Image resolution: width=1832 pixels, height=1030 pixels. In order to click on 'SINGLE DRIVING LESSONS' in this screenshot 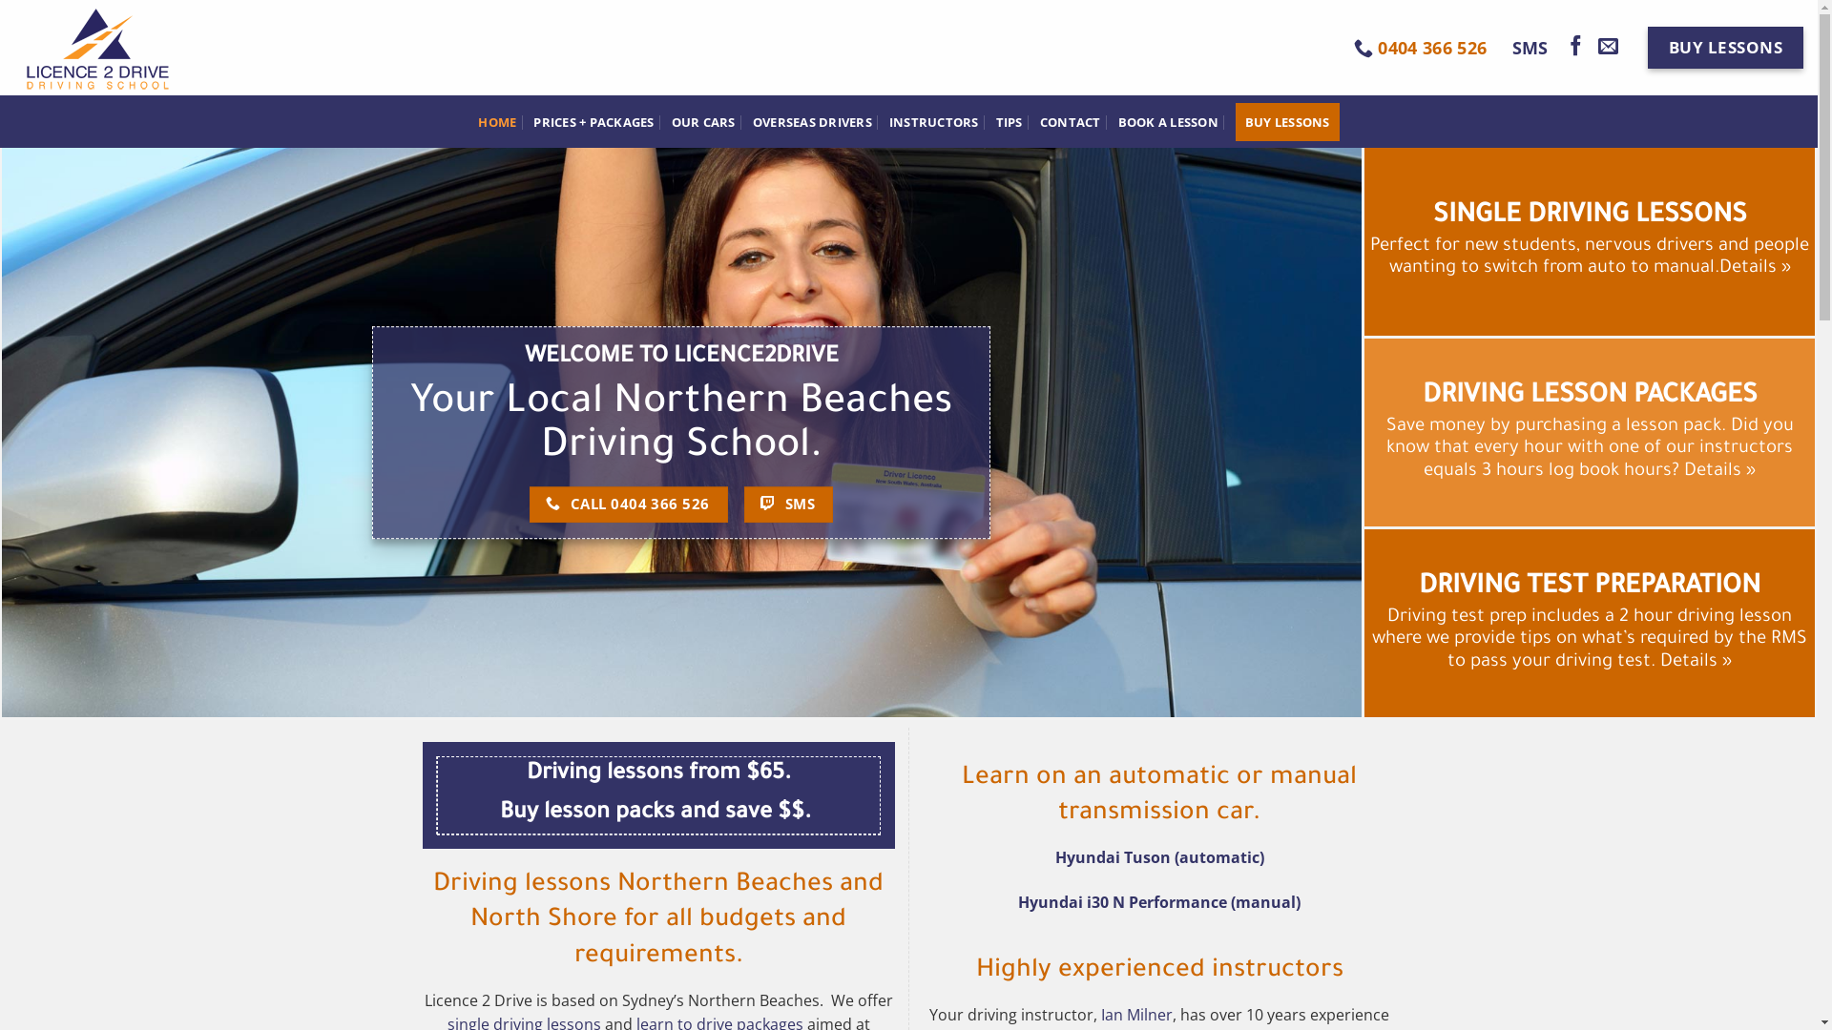, I will do `click(1590, 216)`.